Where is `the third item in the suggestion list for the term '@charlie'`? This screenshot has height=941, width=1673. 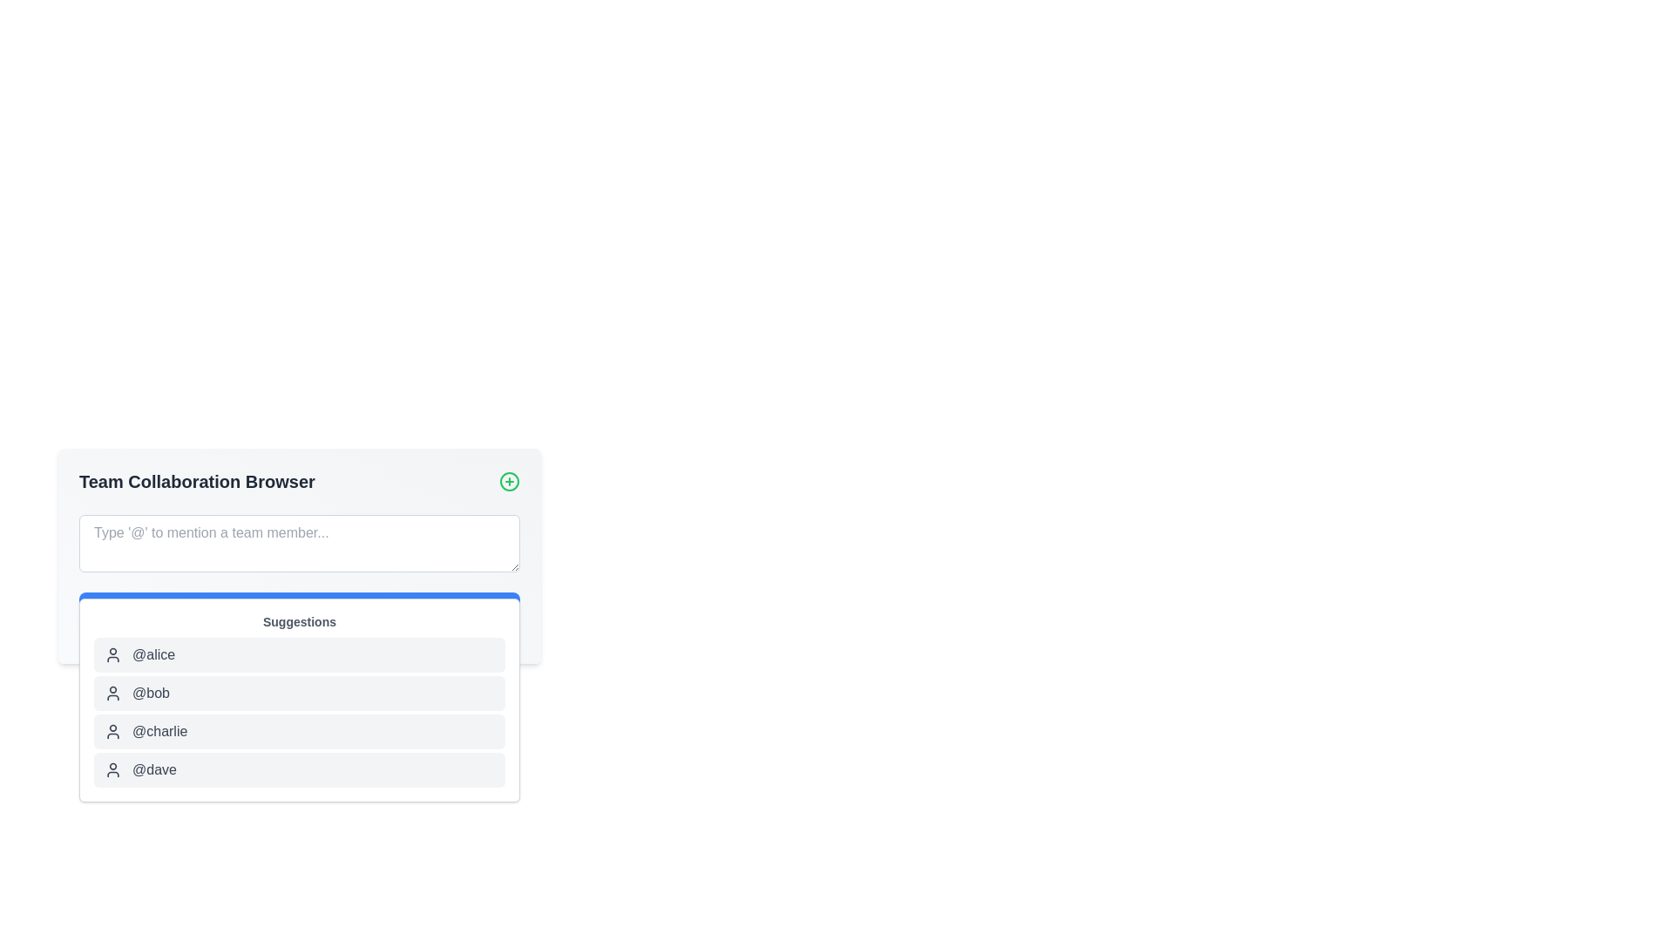 the third item in the suggestion list for the term '@charlie' is located at coordinates (300, 732).